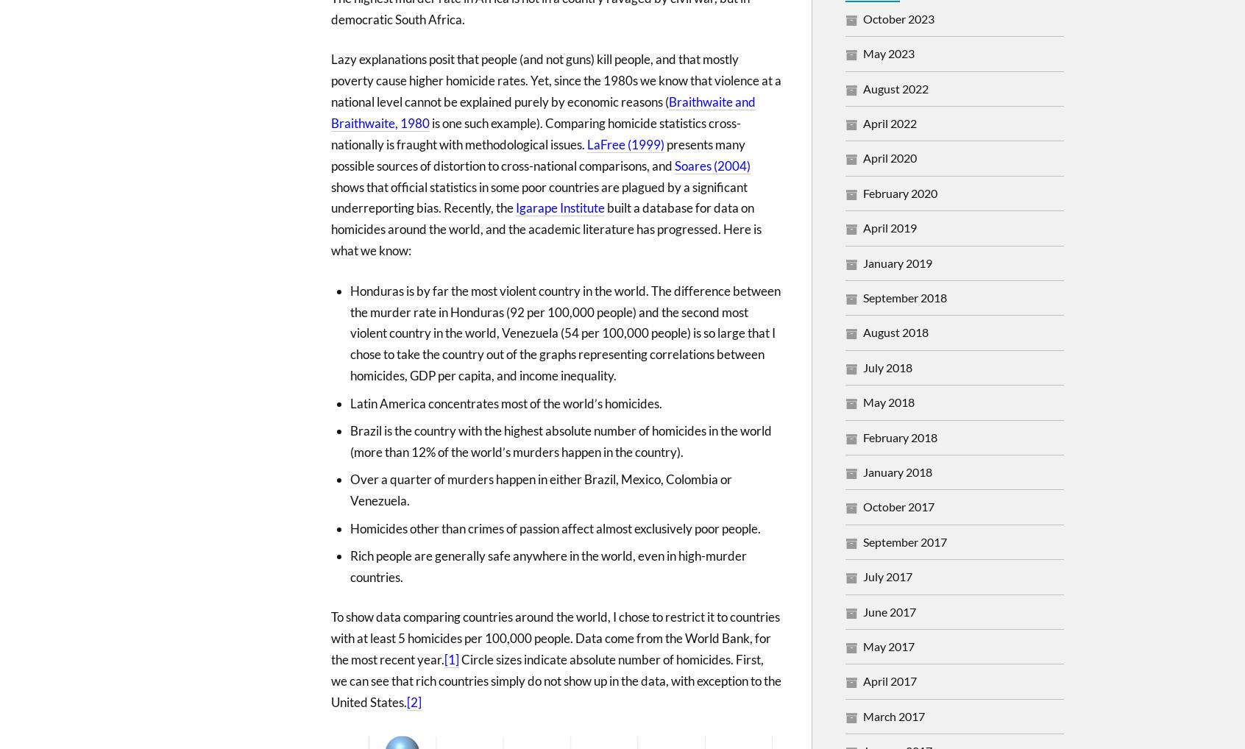 The image size is (1245, 749). Describe the element at coordinates (348, 565) in the screenshot. I see `'Rich people are generally safe anywhere in the world, even in high-murder countries.'` at that location.